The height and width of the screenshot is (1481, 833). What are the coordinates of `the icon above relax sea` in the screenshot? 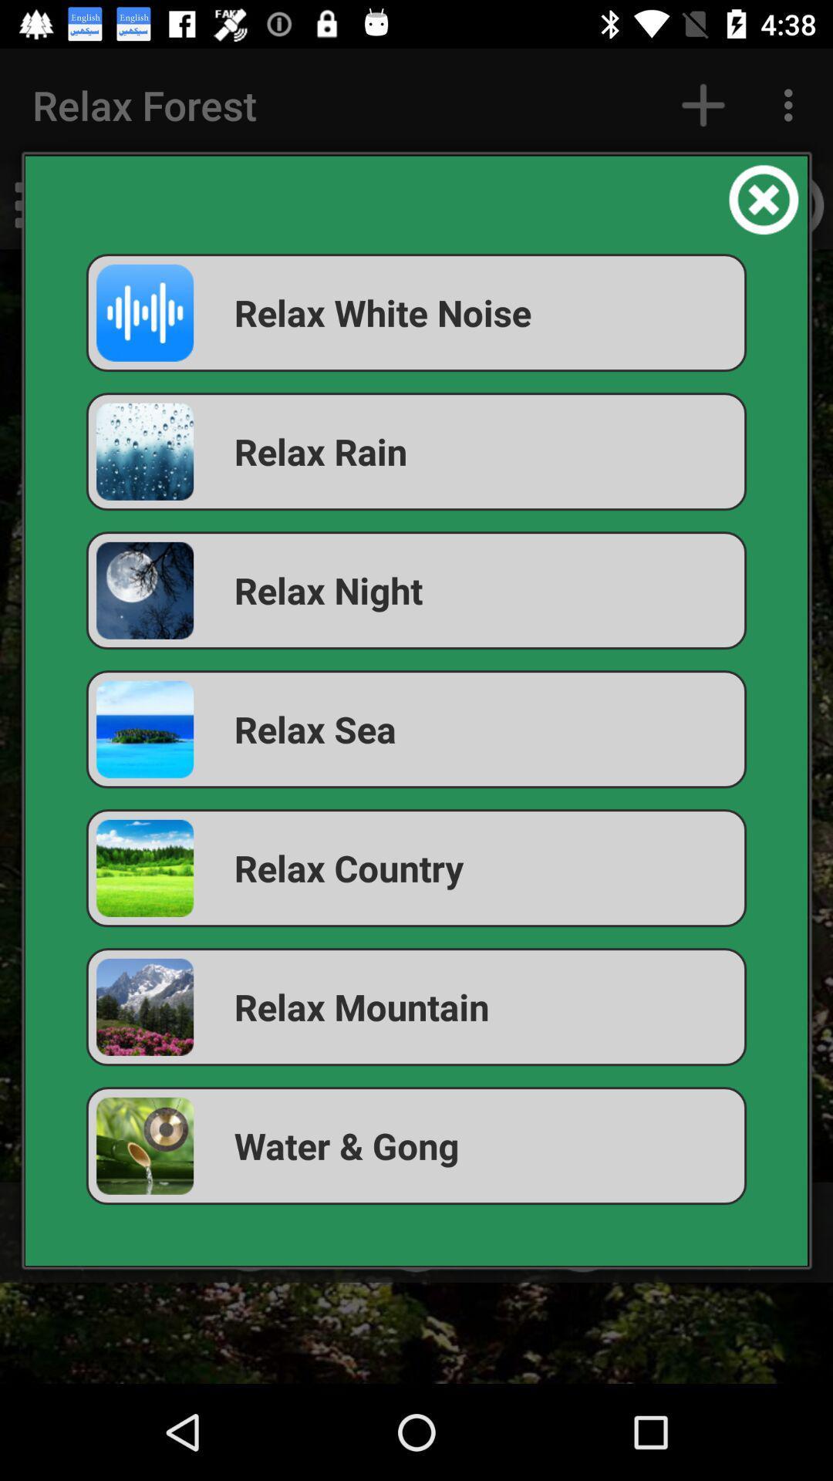 It's located at (416, 589).